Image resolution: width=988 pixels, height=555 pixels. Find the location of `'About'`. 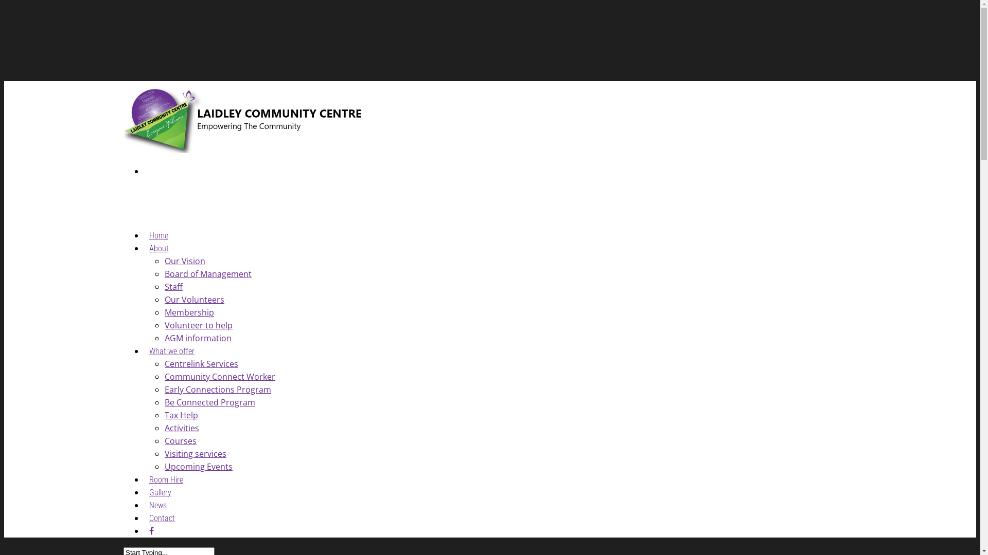

'About' is located at coordinates (158, 251).